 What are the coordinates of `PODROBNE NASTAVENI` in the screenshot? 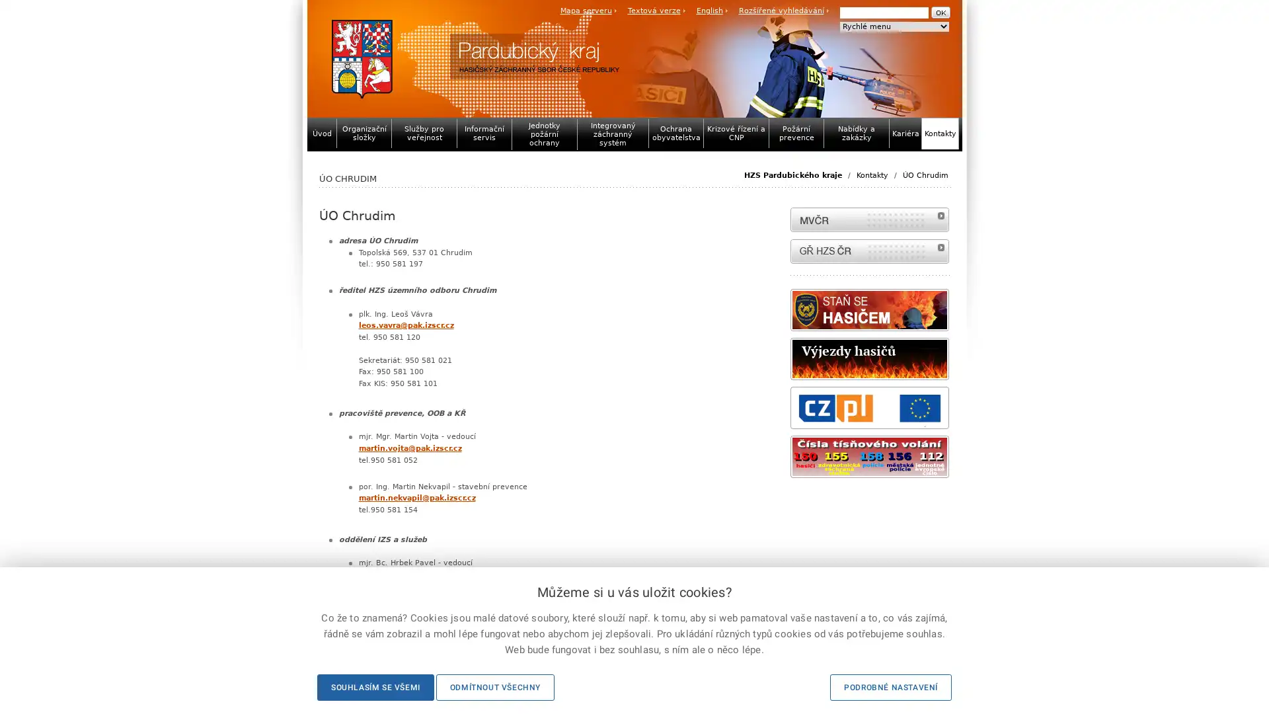 It's located at (891, 687).